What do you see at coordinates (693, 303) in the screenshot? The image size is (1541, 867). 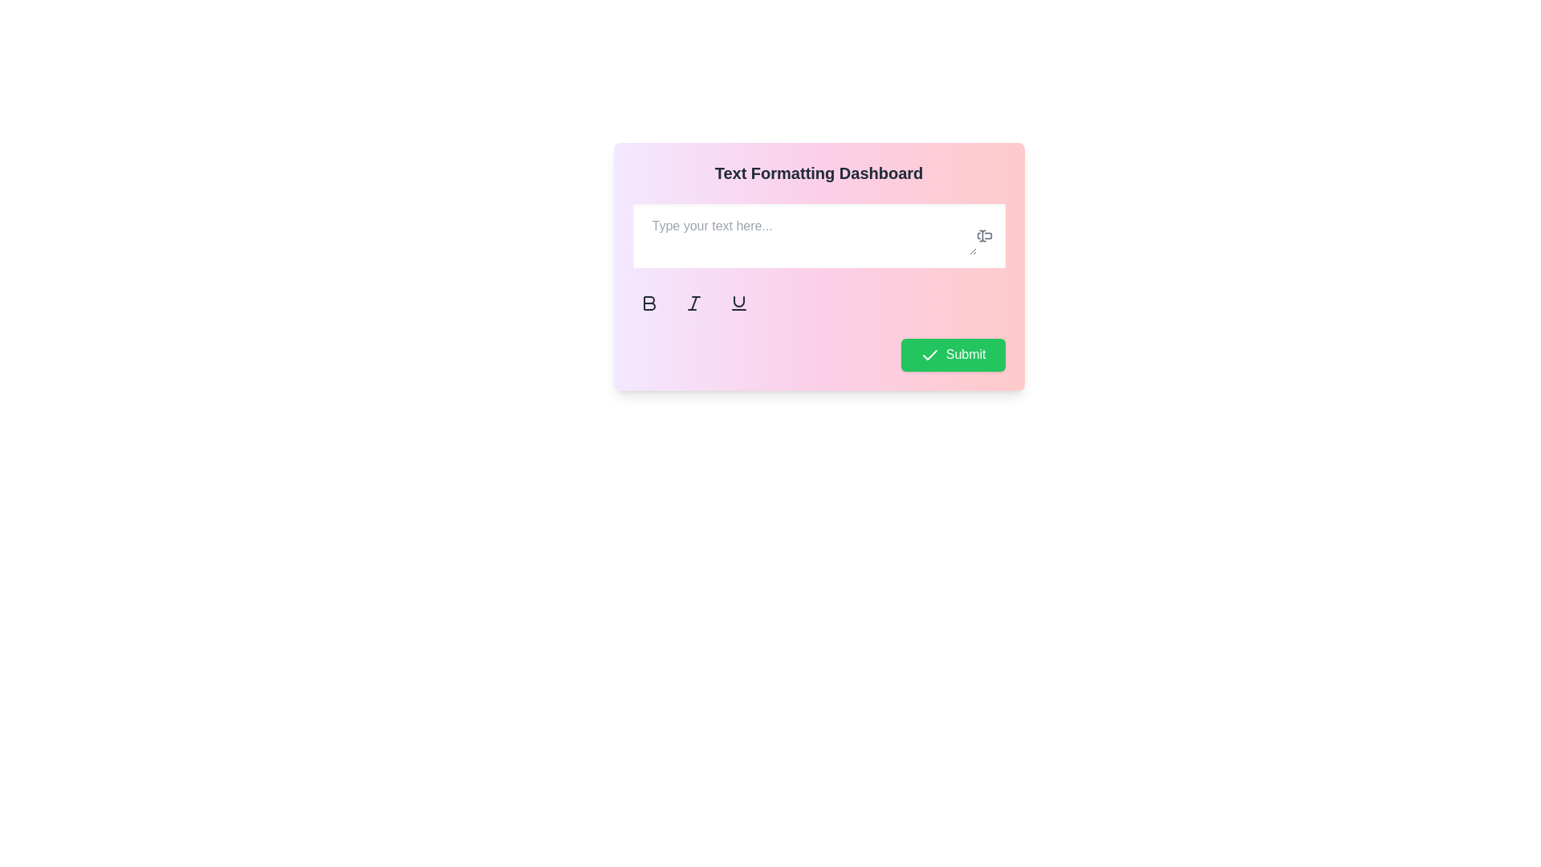 I see `the italic formatting icon located in the second row of the card, positioned between the bold and underline icons` at bounding box center [693, 303].